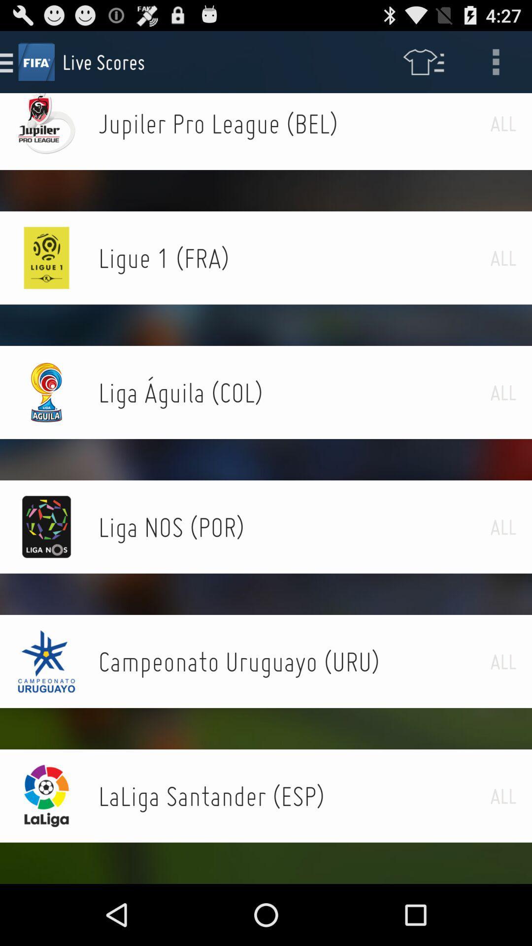 The height and width of the screenshot is (946, 532). What do you see at coordinates (47, 123) in the screenshot?
I see `the image which is to the left side of jupiler pro league bel option` at bounding box center [47, 123].